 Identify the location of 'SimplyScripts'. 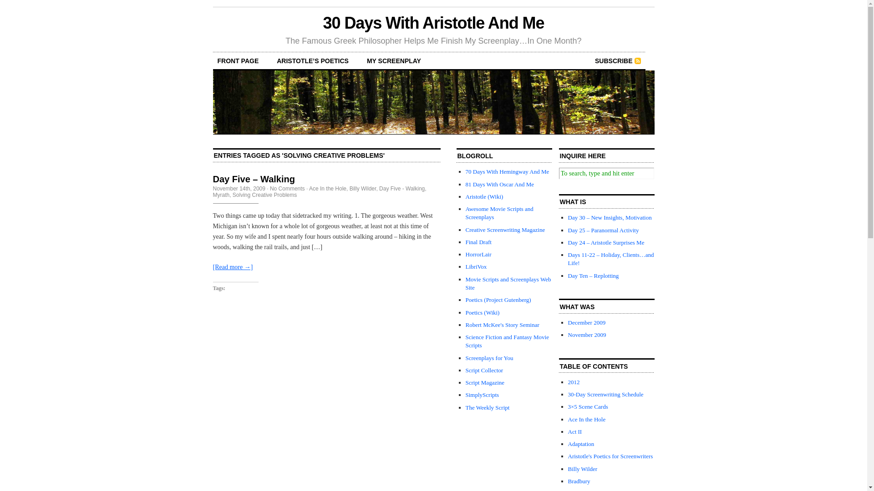
(482, 394).